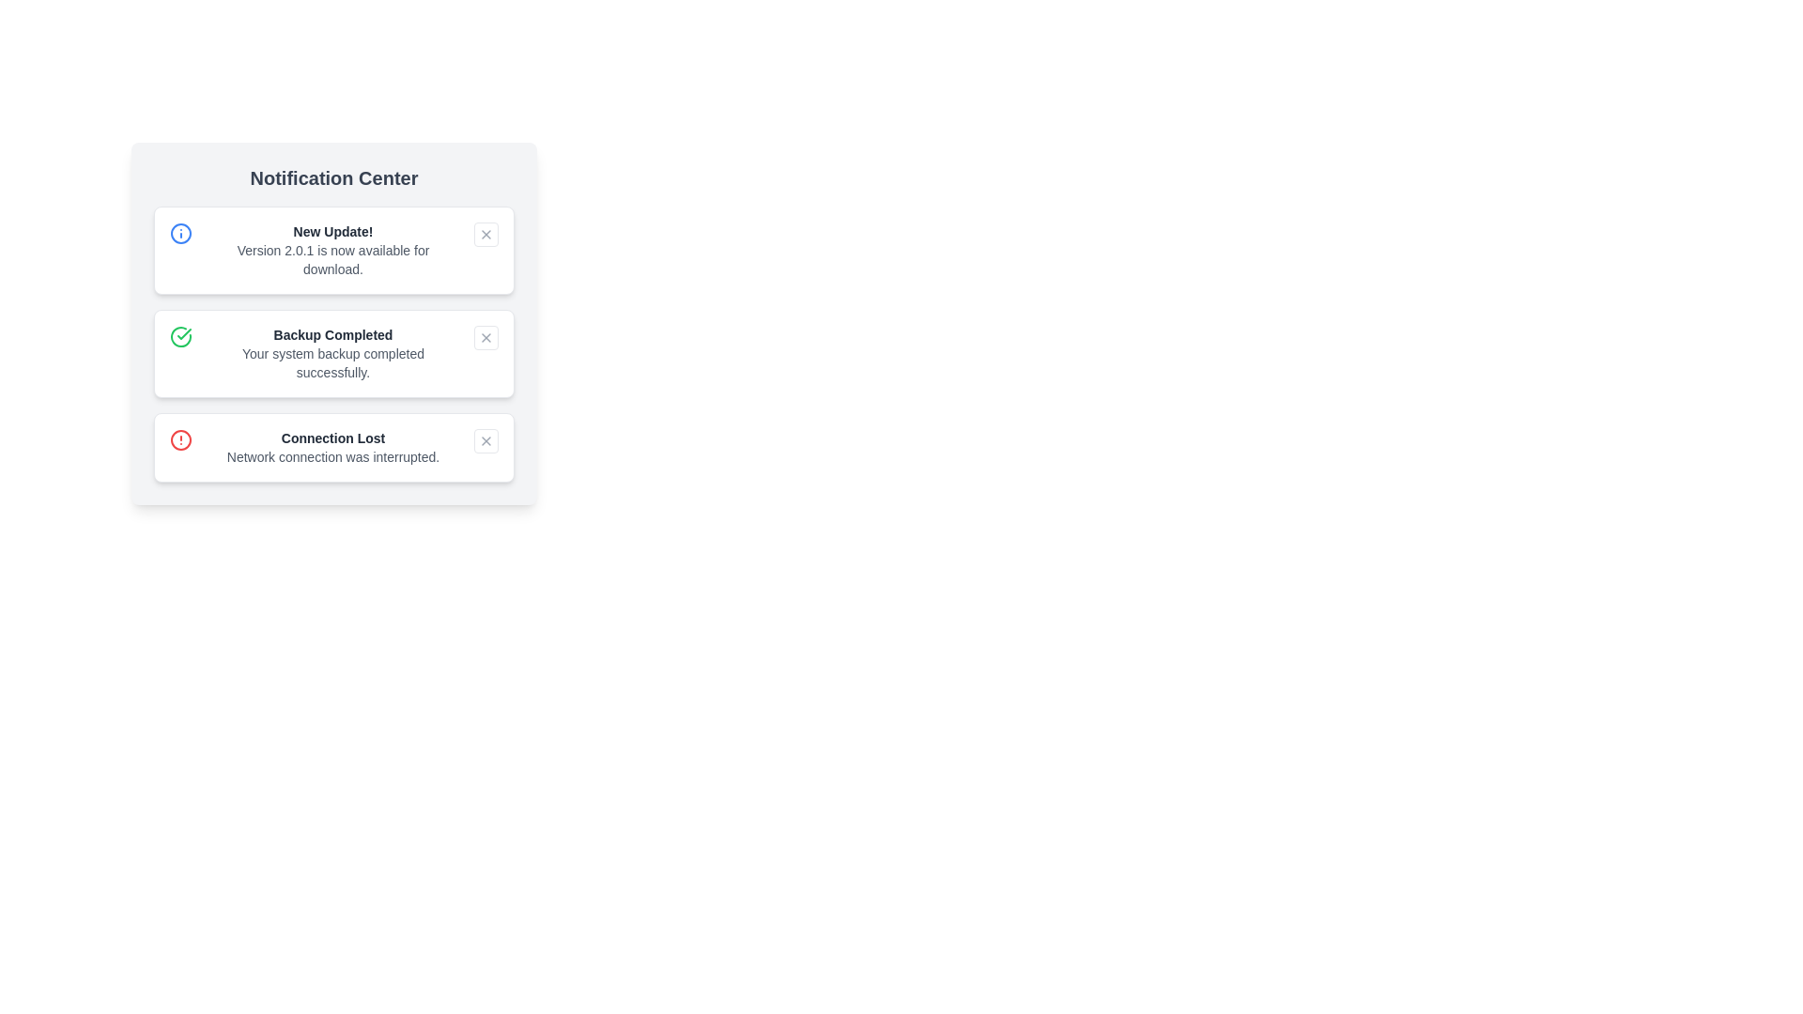  I want to click on the alert icon indicating 'Connection Lost' at the start of the notification card, so click(180, 440).